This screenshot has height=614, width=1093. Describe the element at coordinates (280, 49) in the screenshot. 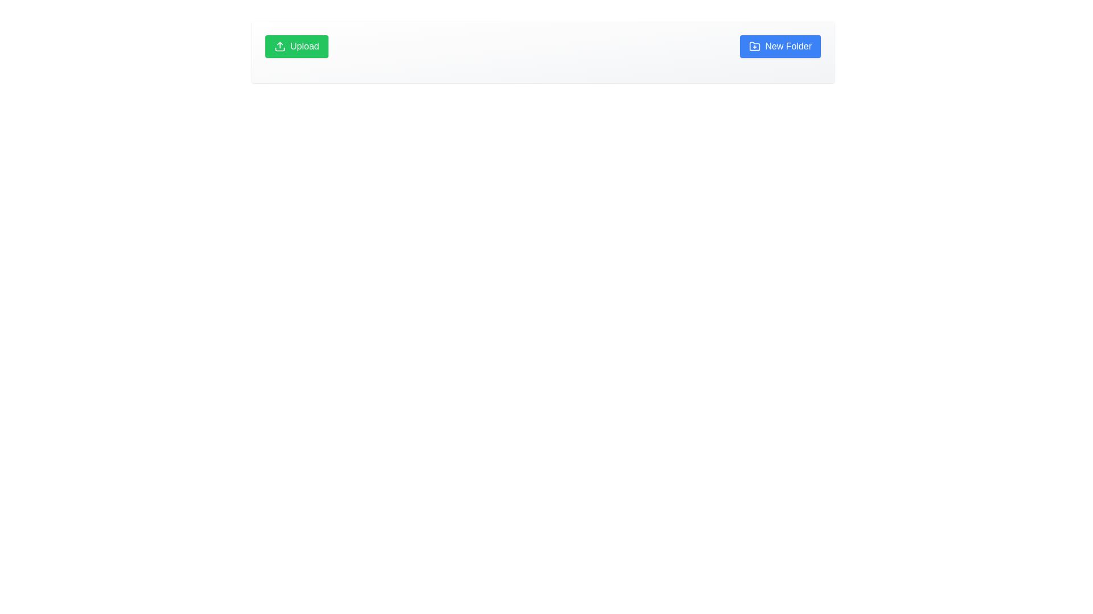

I see `graphical icon component representing the 'Upload' action, which is part of a green button and located to the left of the 'Upload' label` at that location.